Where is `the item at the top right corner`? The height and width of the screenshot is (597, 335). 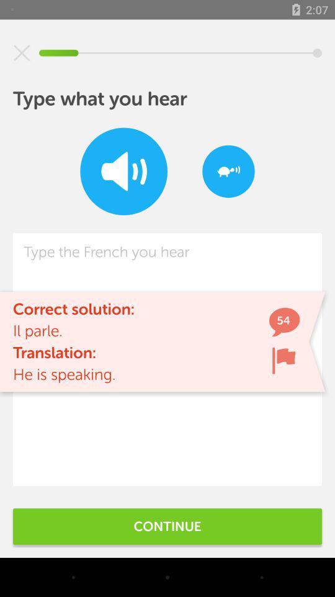
the item at the top right corner is located at coordinates (228, 170).